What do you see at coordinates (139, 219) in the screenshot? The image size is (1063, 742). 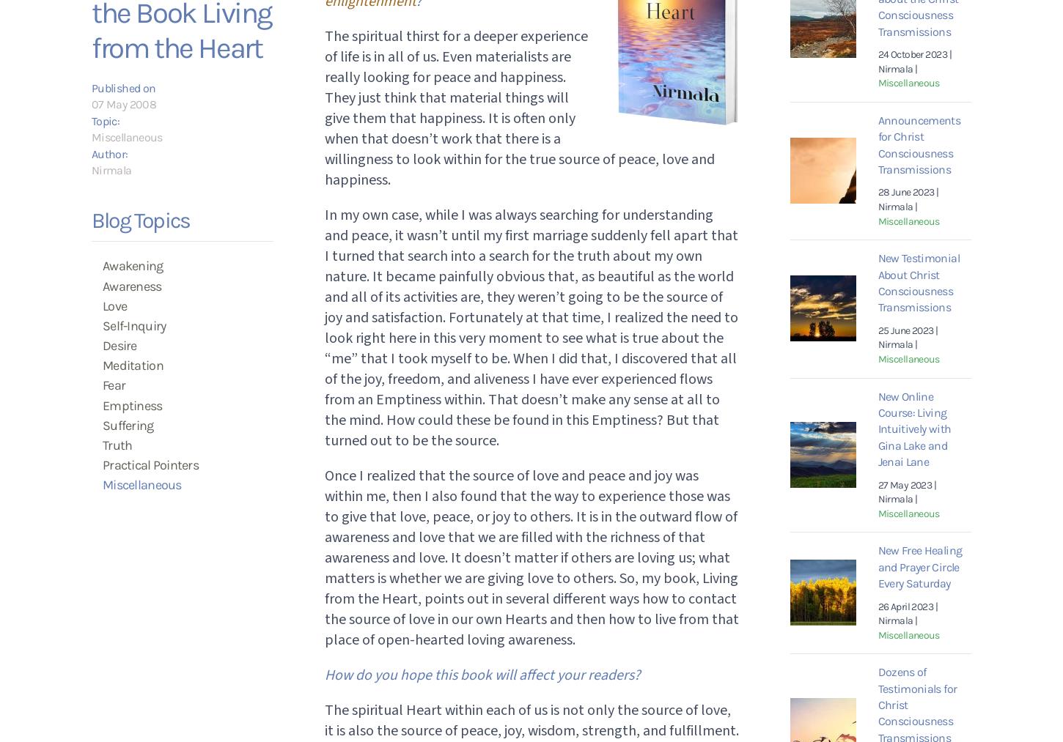 I see `'Blog Topics'` at bounding box center [139, 219].